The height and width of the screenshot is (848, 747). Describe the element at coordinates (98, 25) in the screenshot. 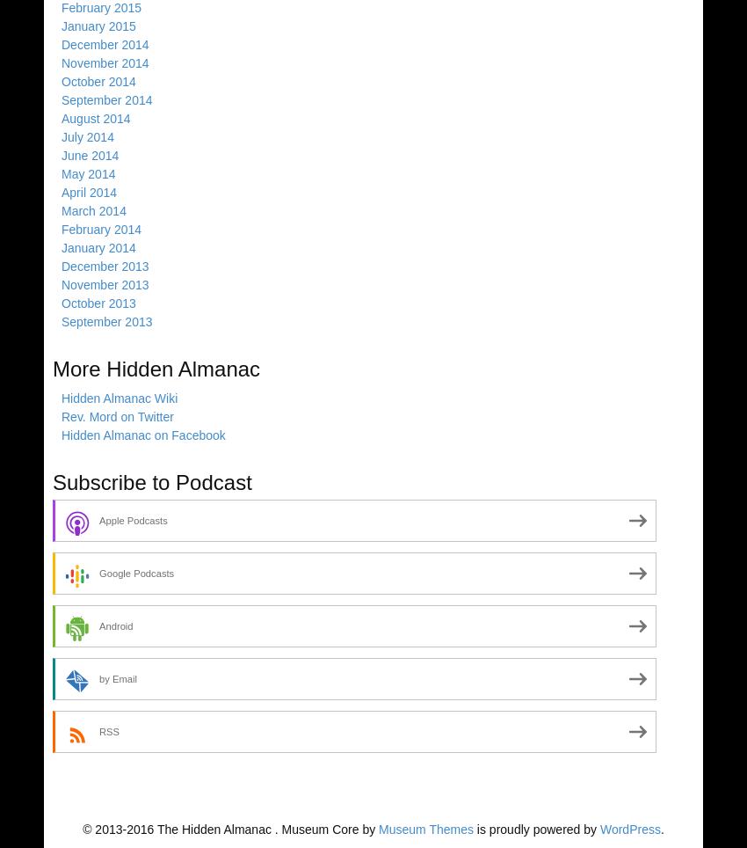

I see `'January 2015'` at that location.